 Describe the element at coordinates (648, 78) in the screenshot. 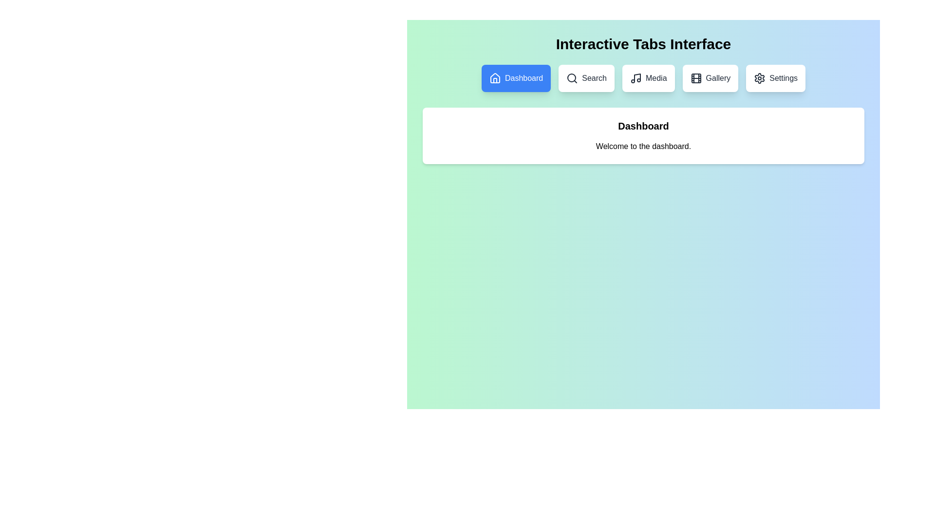

I see `the third button in the horizontal row of interactive tabs` at that location.